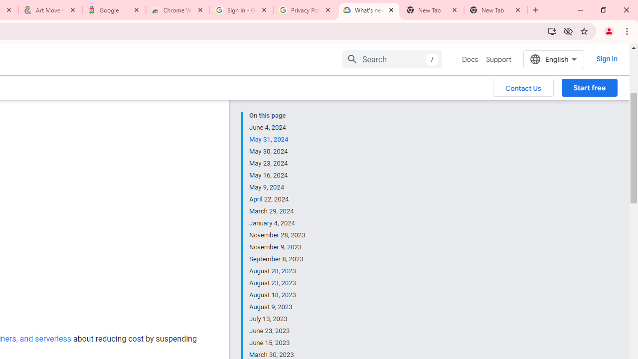  Describe the element at coordinates (469, 59) in the screenshot. I see `'Docs, selected'` at that location.